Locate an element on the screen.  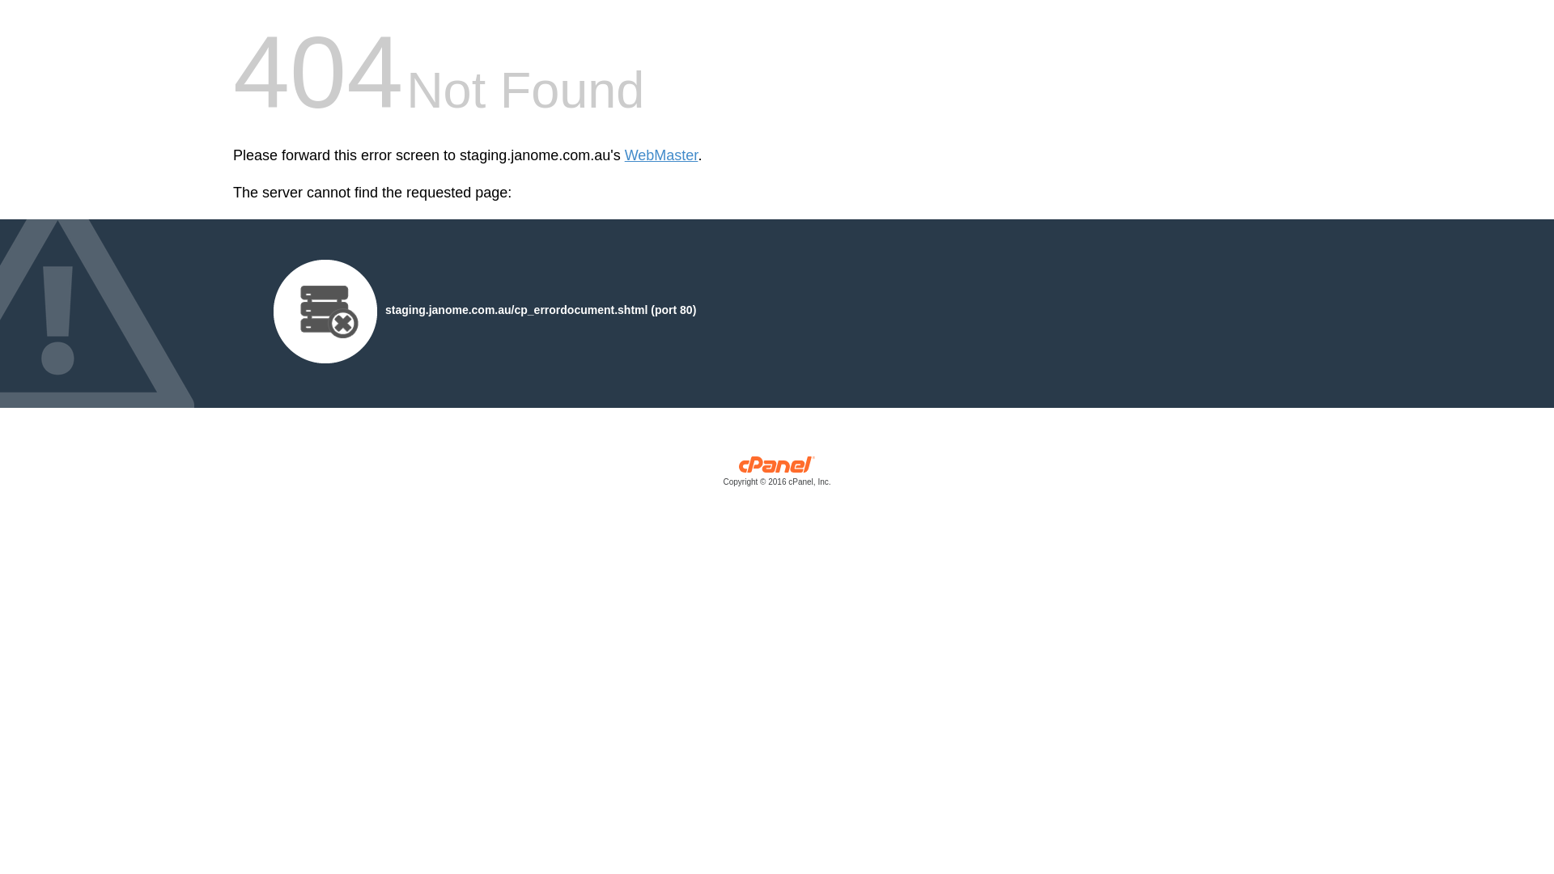
'WebMaster' is located at coordinates (661, 155).